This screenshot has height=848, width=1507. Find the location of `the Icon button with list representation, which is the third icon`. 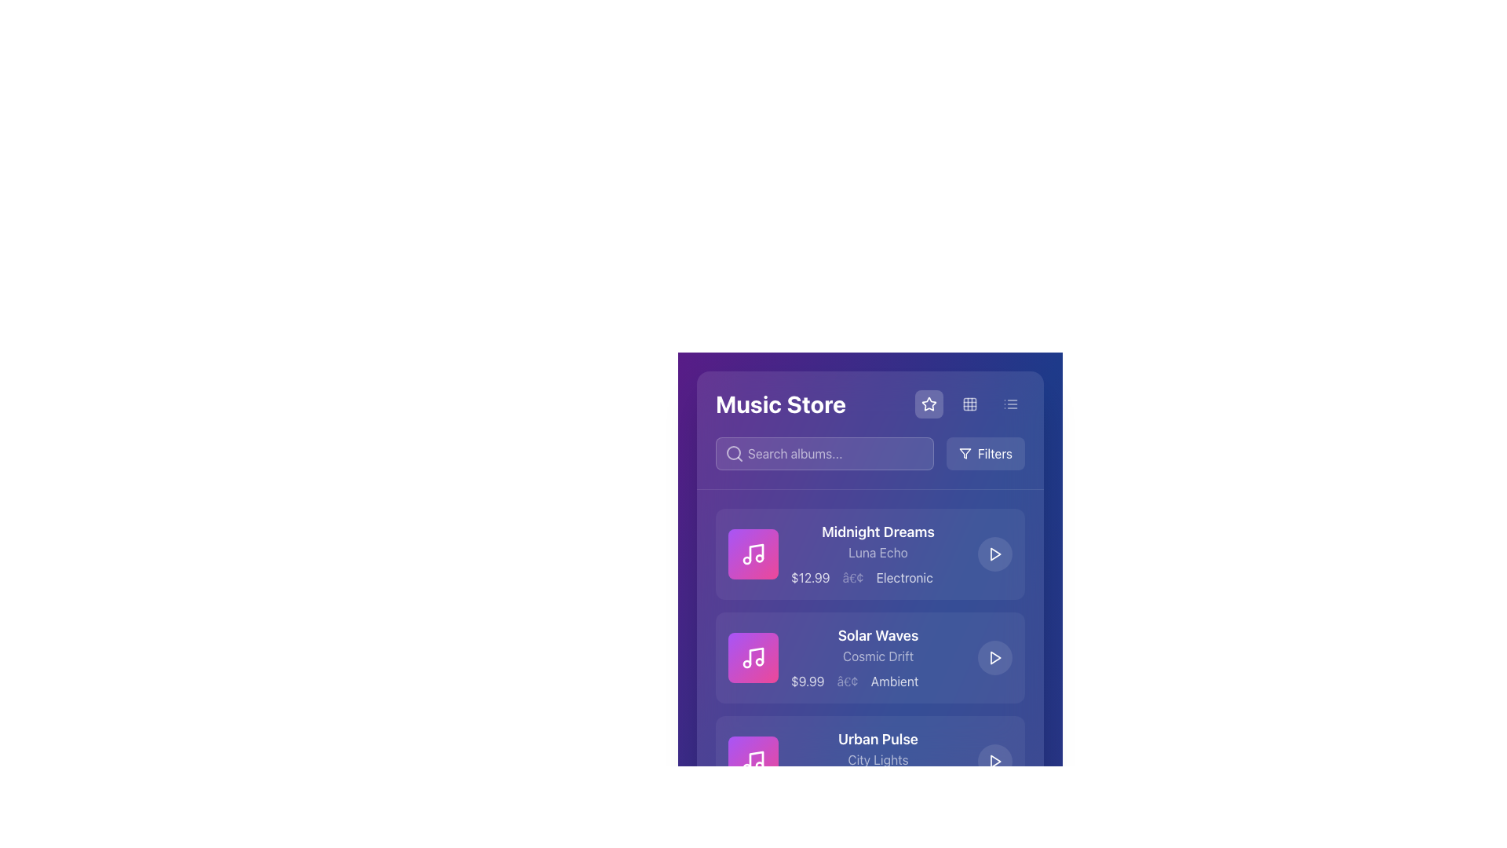

the Icon button with list representation, which is the third icon is located at coordinates (1010, 404).